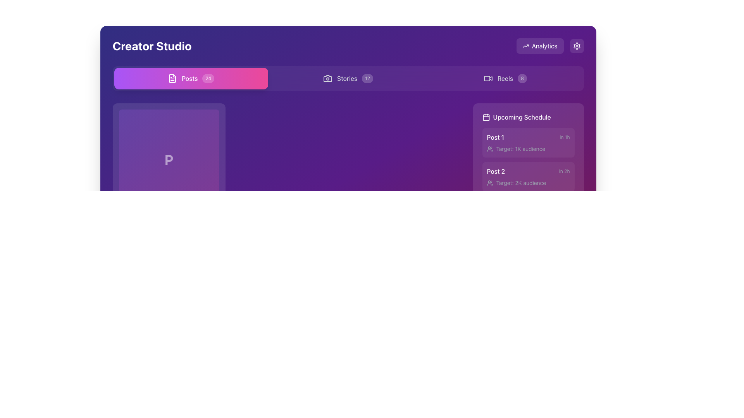 The image size is (744, 418). I want to click on the text label with an icon prefix that indicates 'Target: 2K audience' located in the 'Post 2' card of the 'Upcoming Schedule' section, so click(528, 183).